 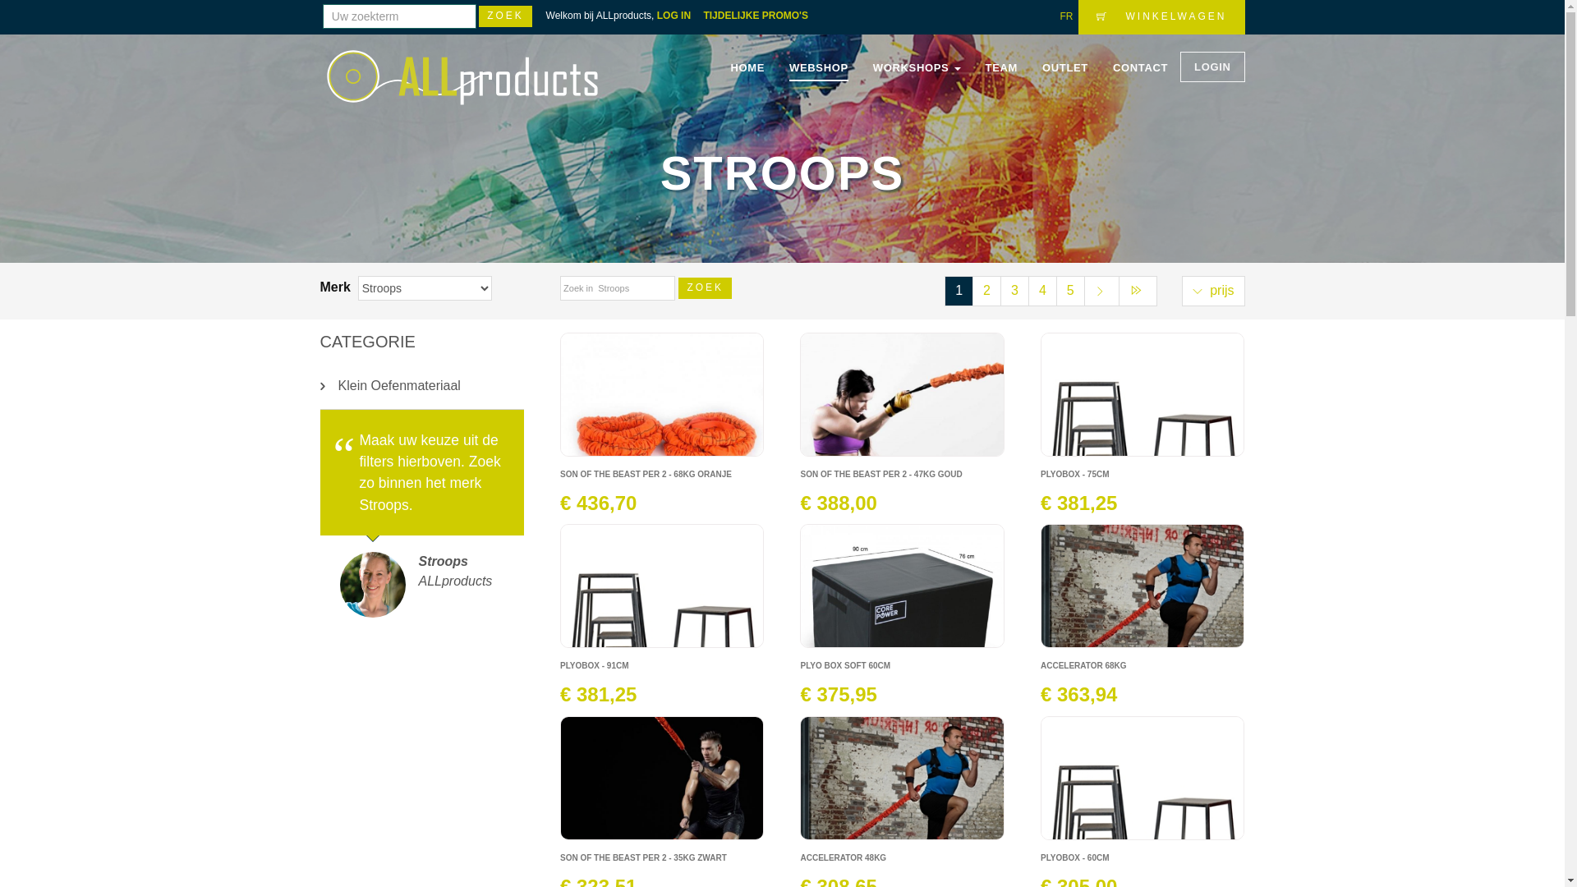 I want to click on 'OUTLET', so click(x=1064, y=67).